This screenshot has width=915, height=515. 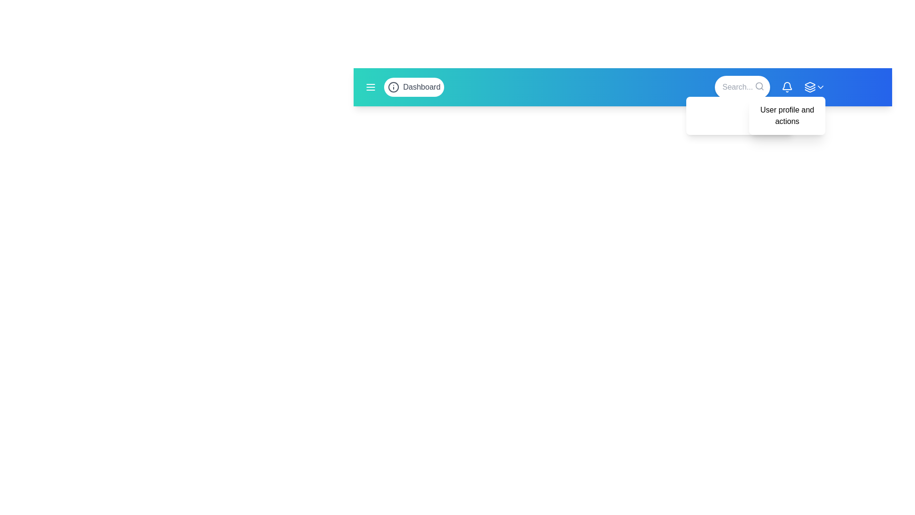 I want to click on the layered squares icon with a blue background located on the navigation bar, adjacent to the downward triangle icon, so click(x=814, y=87).